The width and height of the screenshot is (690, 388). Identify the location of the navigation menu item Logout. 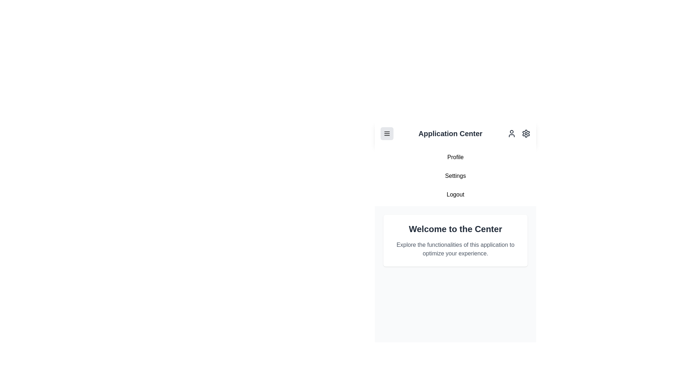
(455, 195).